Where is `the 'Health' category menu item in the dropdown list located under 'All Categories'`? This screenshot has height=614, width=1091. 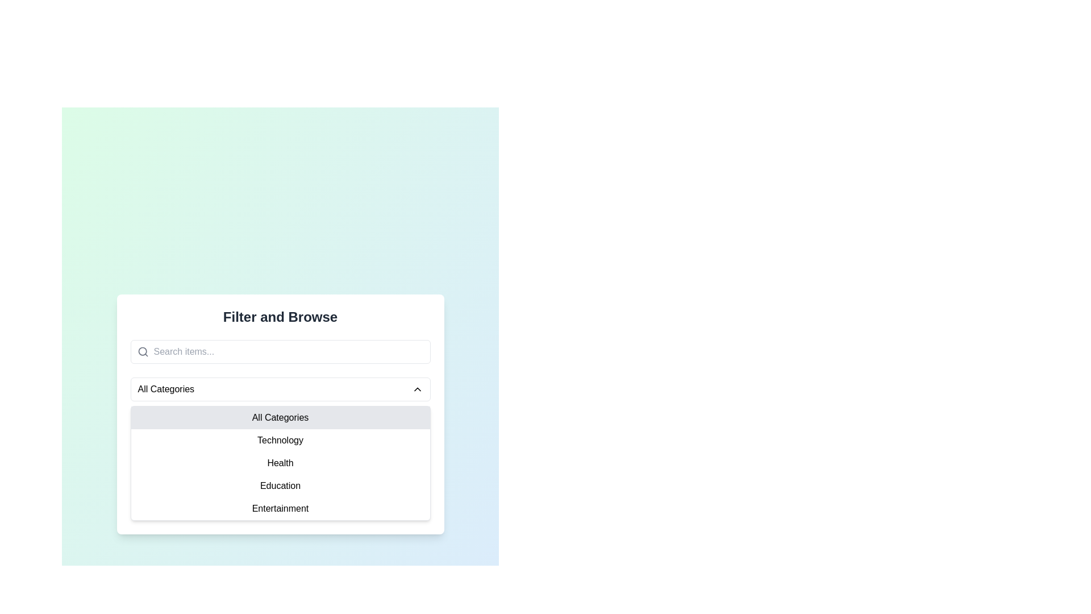 the 'Health' category menu item in the dropdown list located under 'All Categories' is located at coordinates (280, 463).